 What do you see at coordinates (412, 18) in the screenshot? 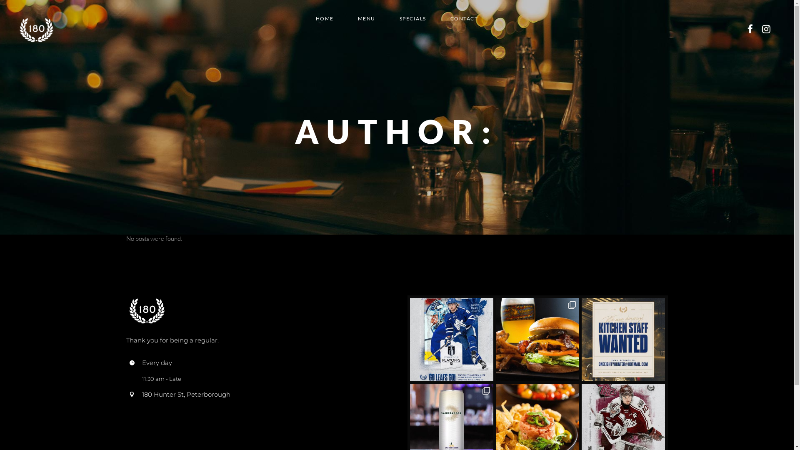
I see `'SPECIALS'` at bounding box center [412, 18].